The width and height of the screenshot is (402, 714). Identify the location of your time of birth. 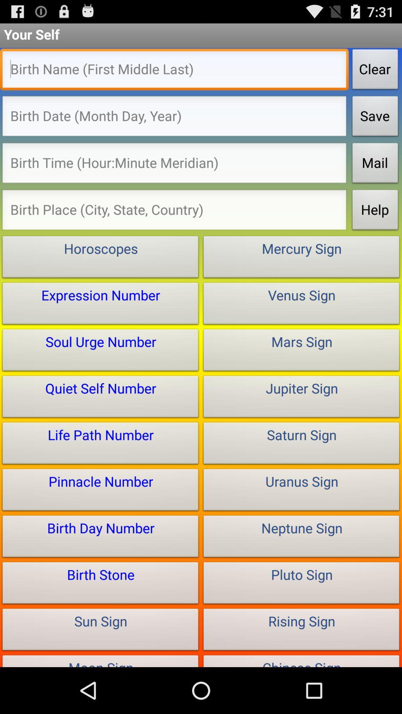
(174, 164).